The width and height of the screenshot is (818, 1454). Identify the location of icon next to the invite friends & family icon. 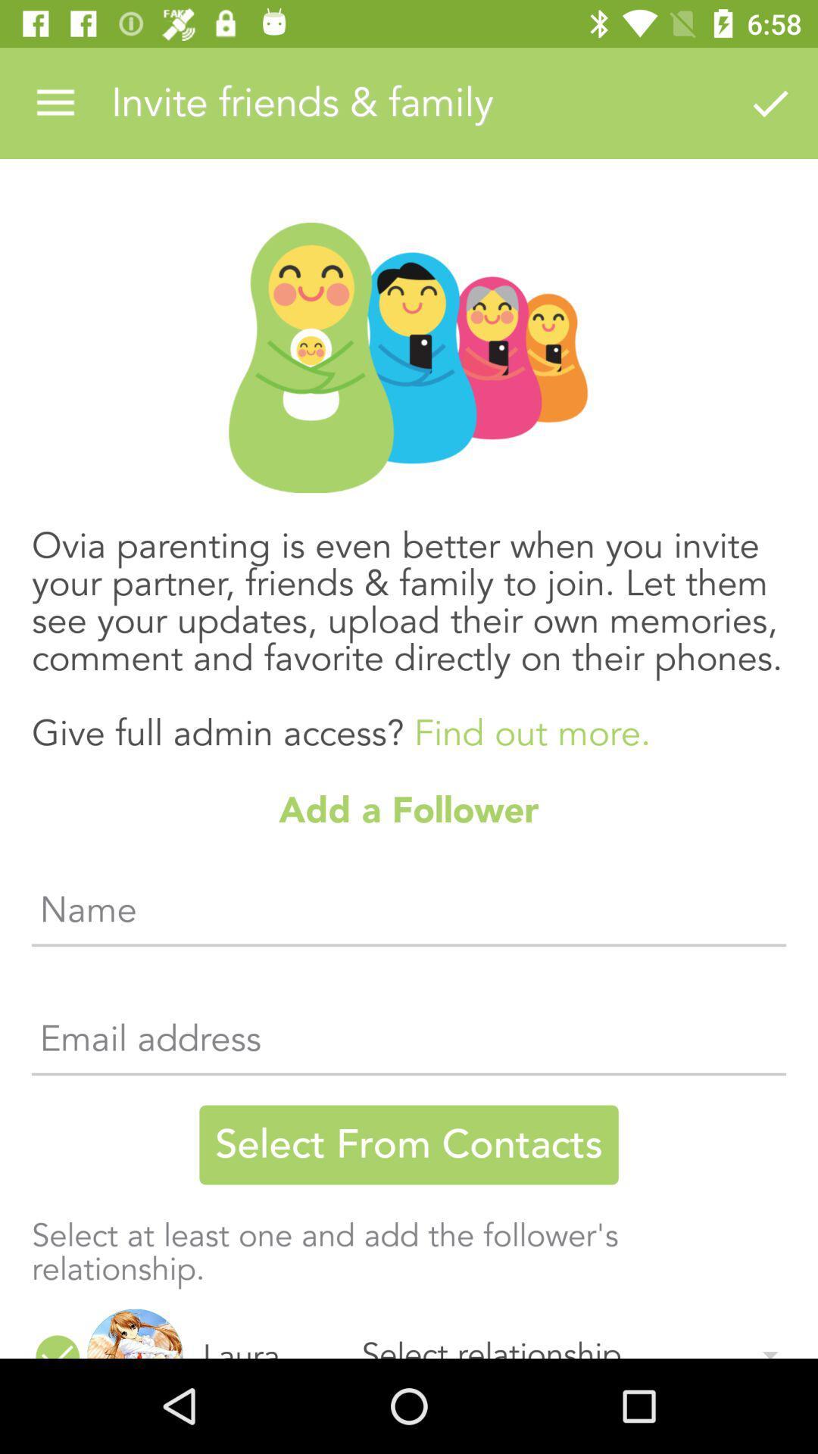
(770, 102).